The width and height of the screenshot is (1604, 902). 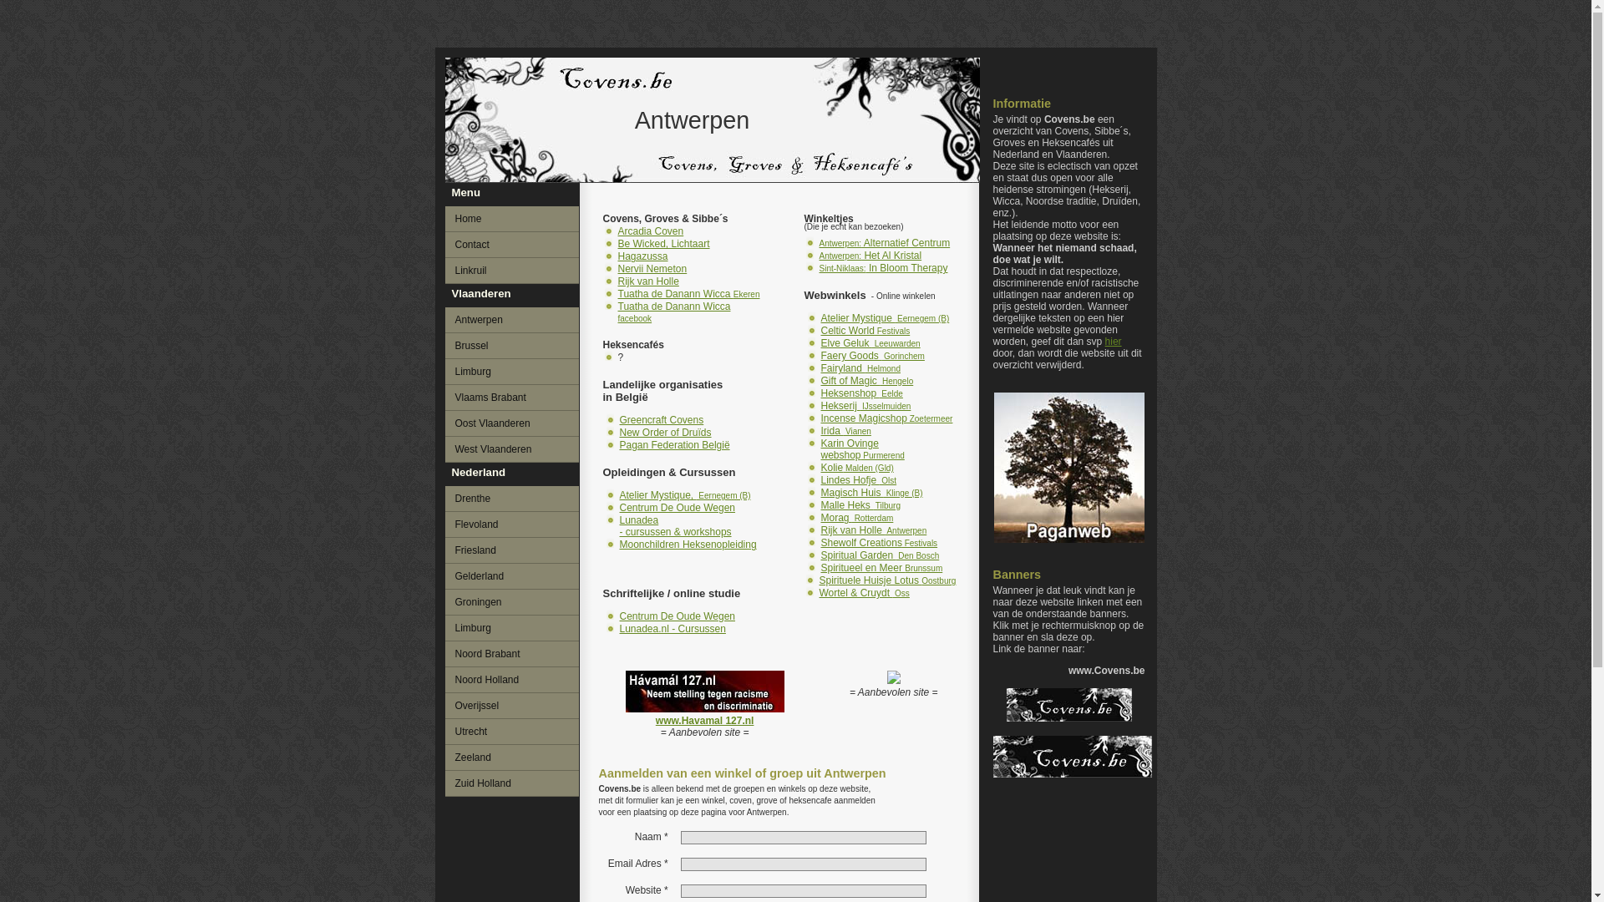 I want to click on 'Sint-Niklaas: In Bloom Therapy', so click(x=881, y=266).